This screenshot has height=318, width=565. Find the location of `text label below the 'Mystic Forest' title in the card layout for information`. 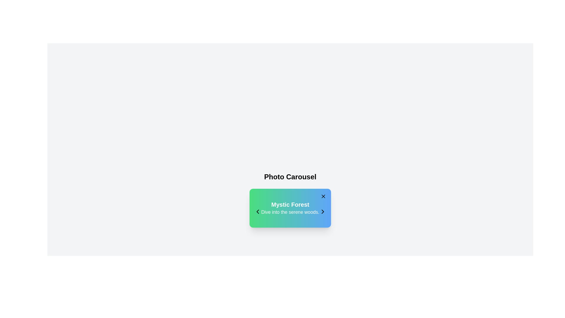

text label below the 'Mystic Forest' title in the card layout for information is located at coordinates (290, 212).